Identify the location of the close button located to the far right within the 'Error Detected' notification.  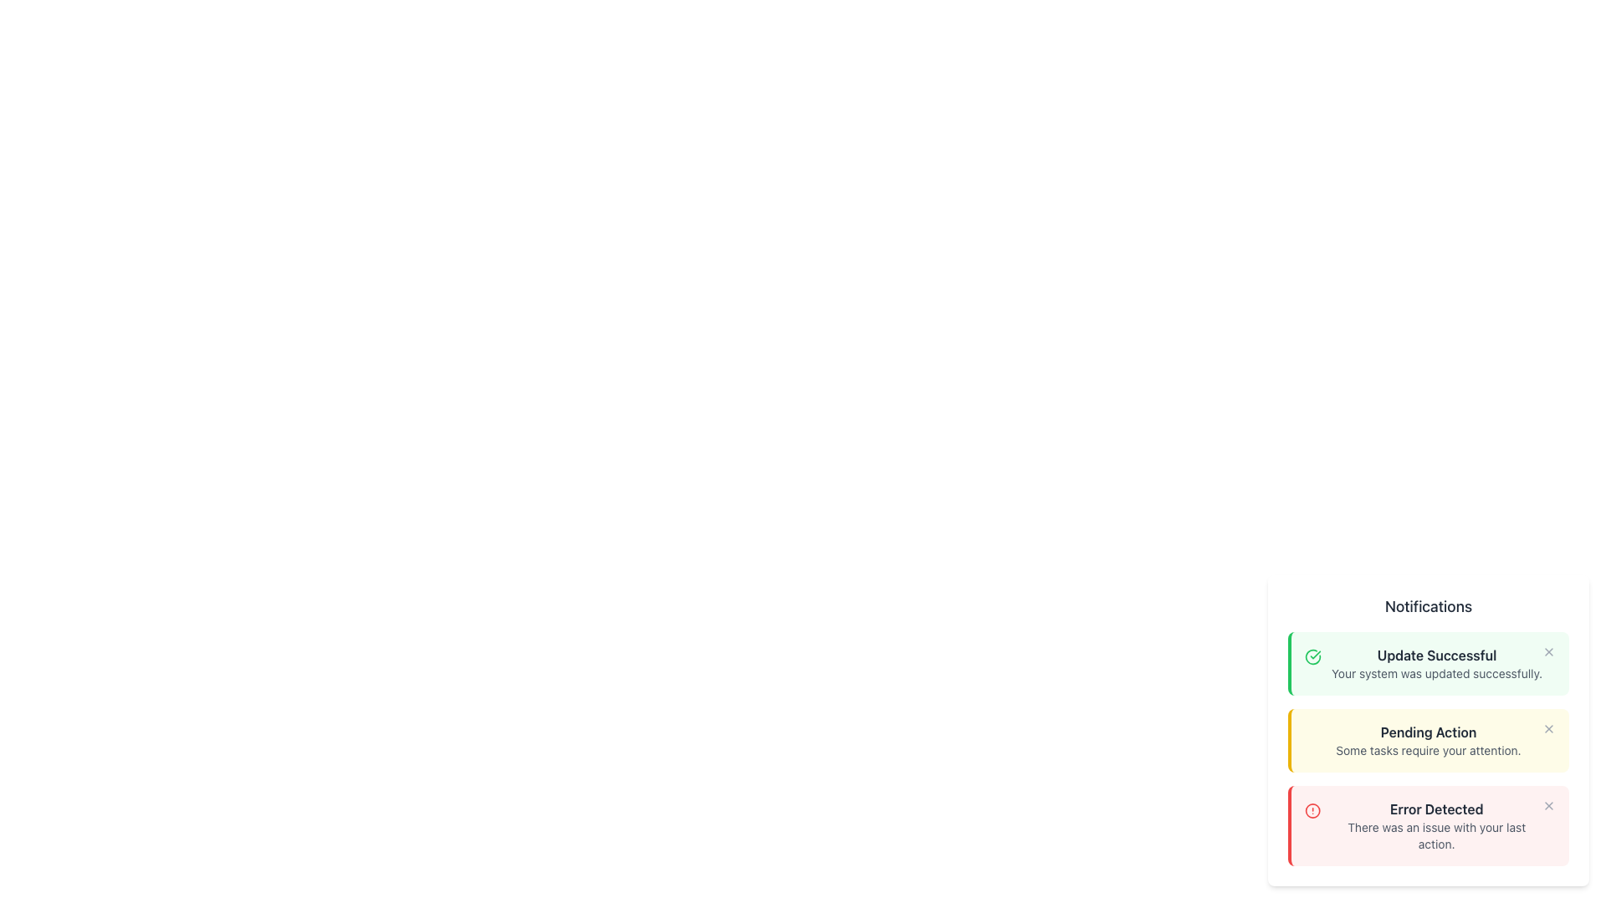
(1548, 805).